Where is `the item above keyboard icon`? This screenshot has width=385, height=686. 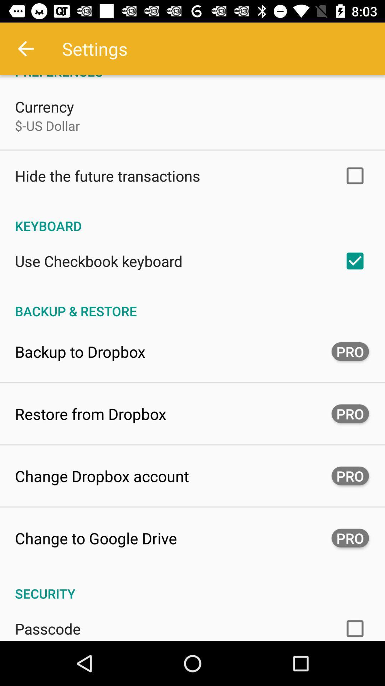
the item above keyboard icon is located at coordinates (107, 176).